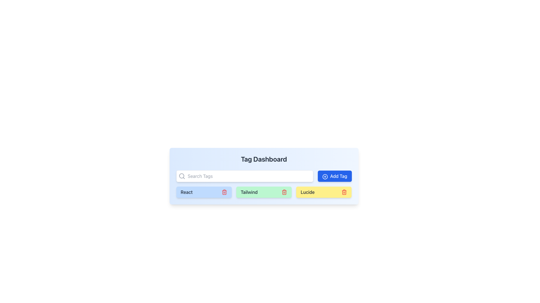 The image size is (540, 303). What do you see at coordinates (335, 176) in the screenshot?
I see `the 'Add Tag' button, which is a rectangular button with a blue background and white text, located on the right side of the 'Tag Dashboard'` at bounding box center [335, 176].